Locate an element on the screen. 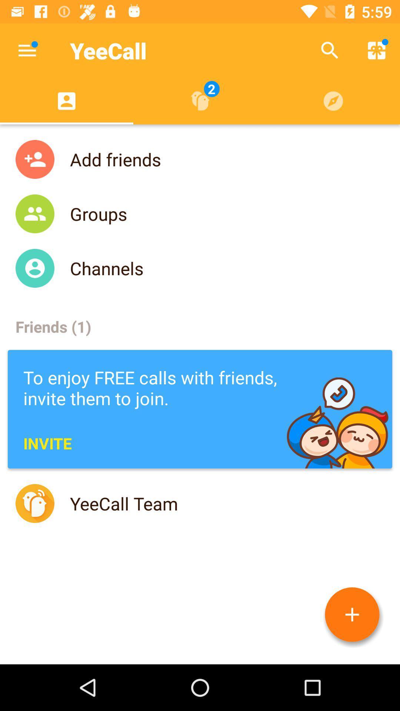 This screenshot has height=711, width=400. the add icon is located at coordinates (352, 614).